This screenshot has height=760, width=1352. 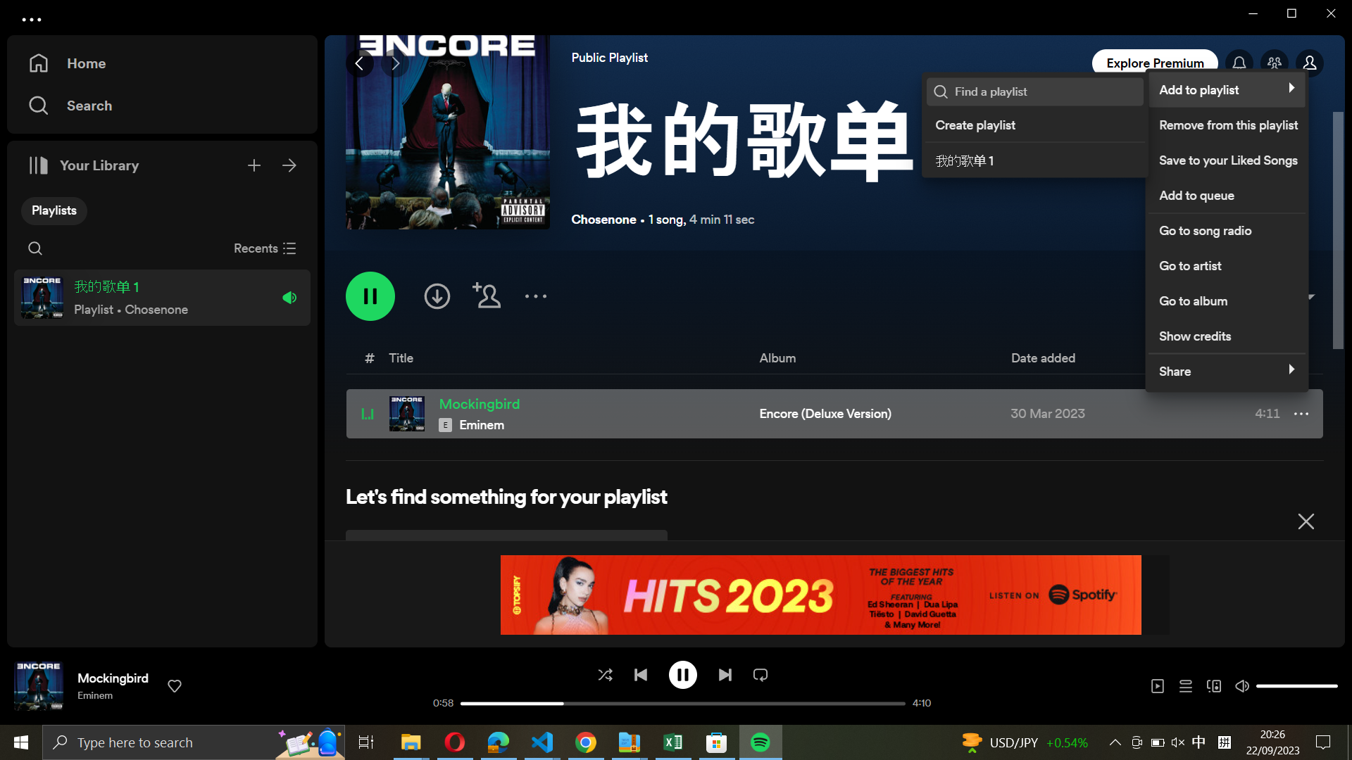 I want to click on Eliminate the selected song from playlist, so click(x=1226, y=121).